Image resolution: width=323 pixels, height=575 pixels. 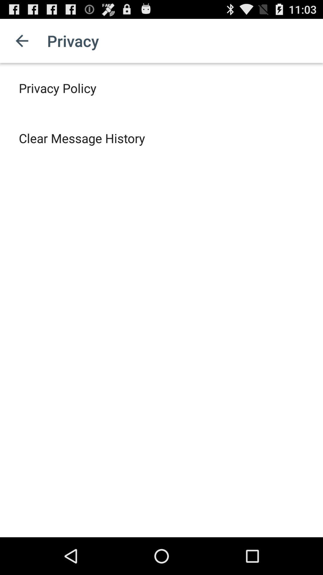 I want to click on the clear message history item, so click(x=82, y=138).